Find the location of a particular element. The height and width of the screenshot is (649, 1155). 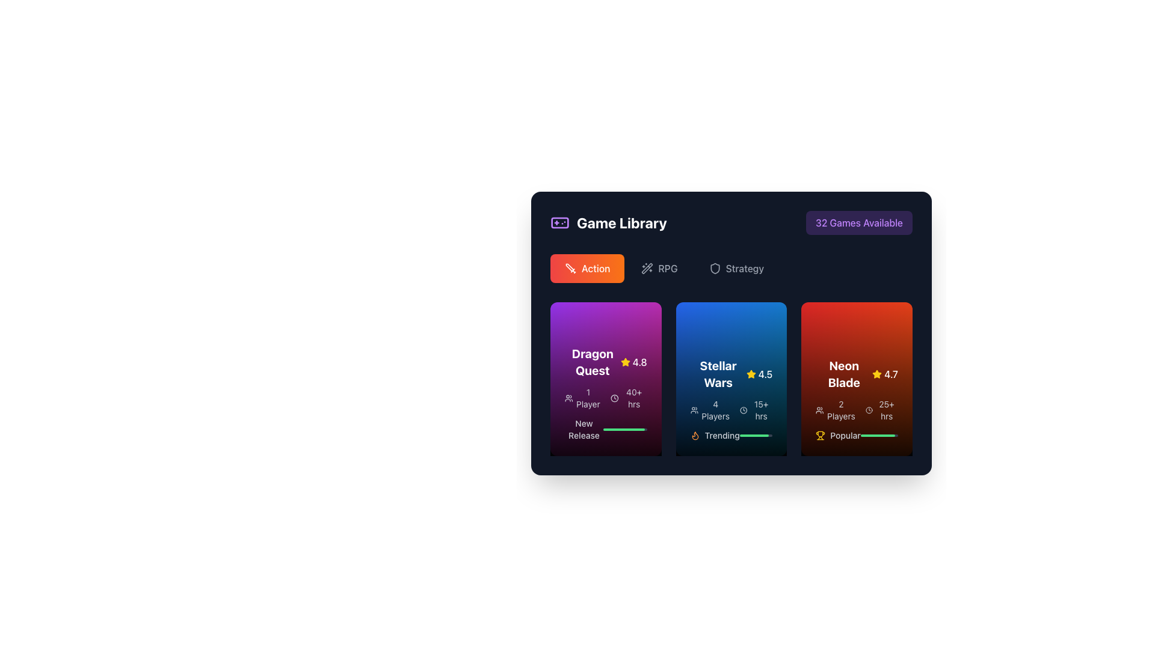

the 'Action' icon located inside the filter options to the left of the 'Action' label text to filter games is located at coordinates (570, 268).